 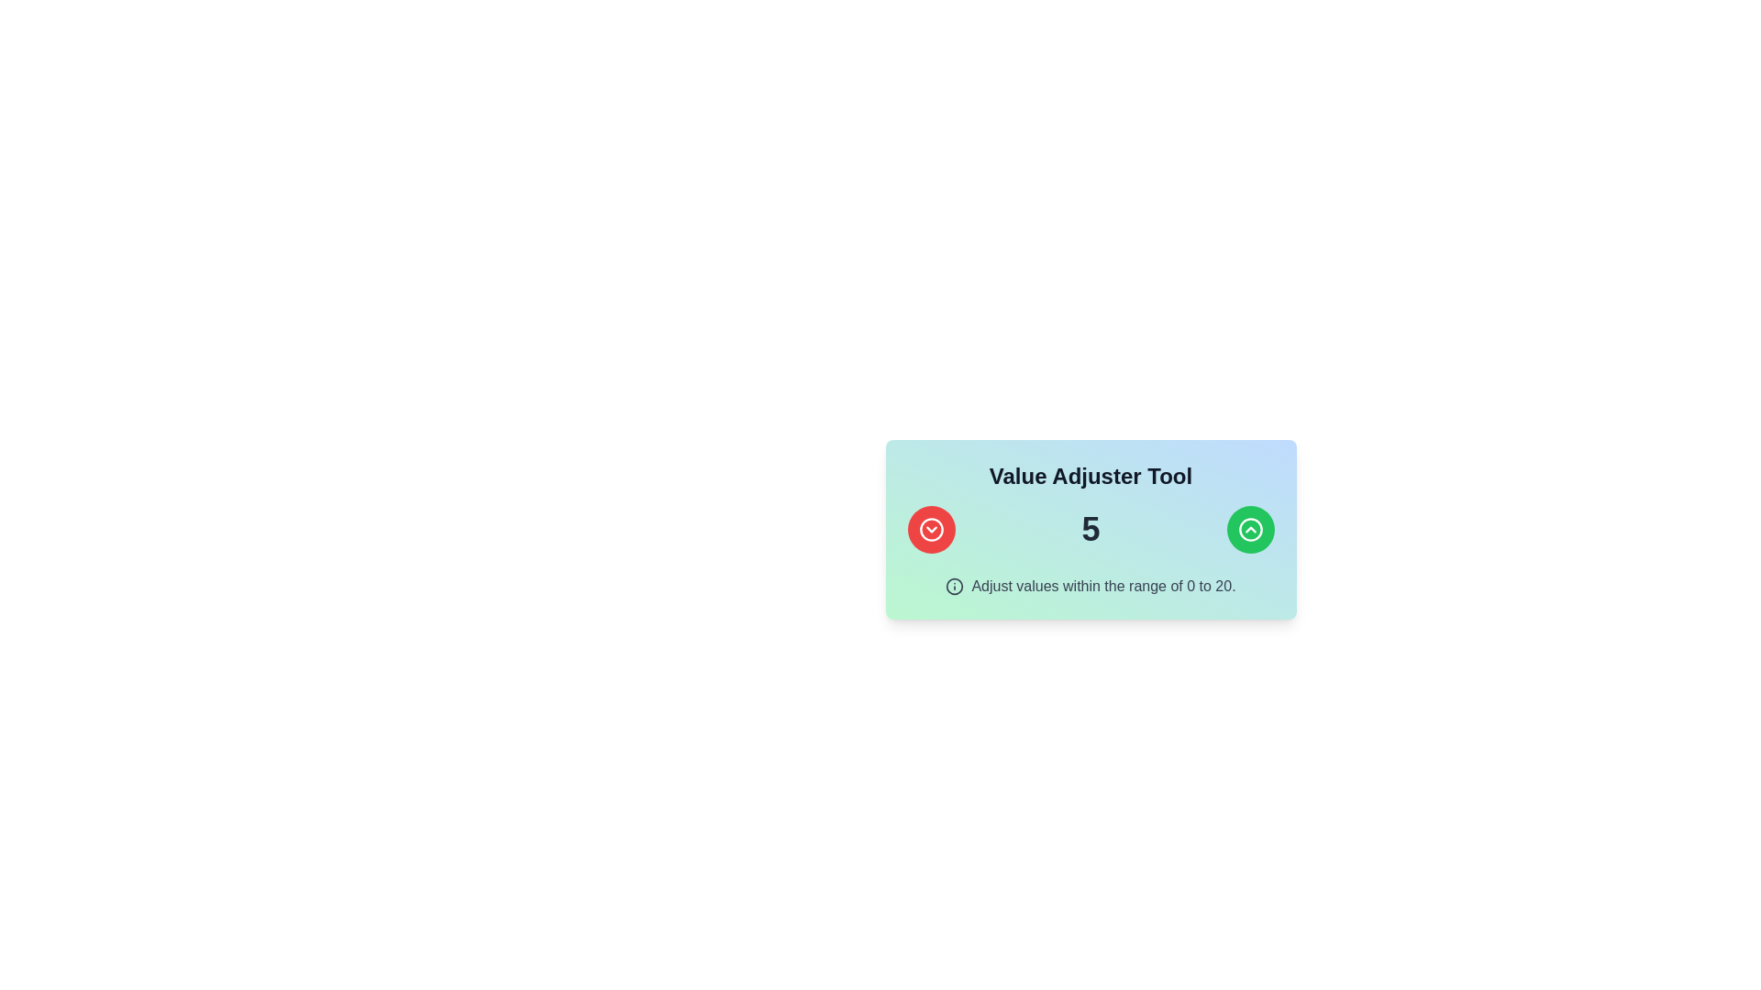 What do you see at coordinates (1091, 530) in the screenshot?
I see `title and description of the Composite interactive component (adjuster tool with buttons) to understand its function` at bounding box center [1091, 530].